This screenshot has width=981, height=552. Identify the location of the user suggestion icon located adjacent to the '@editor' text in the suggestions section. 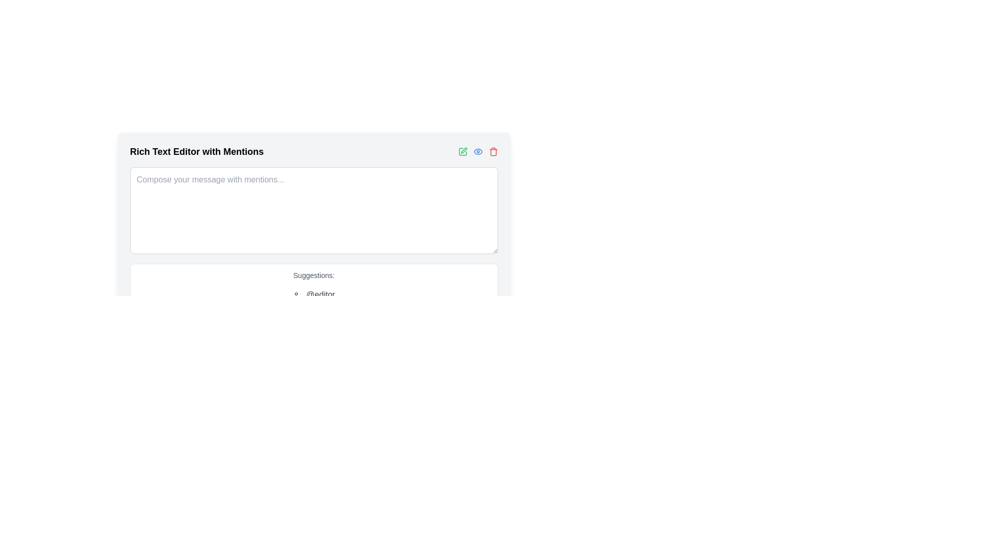
(296, 295).